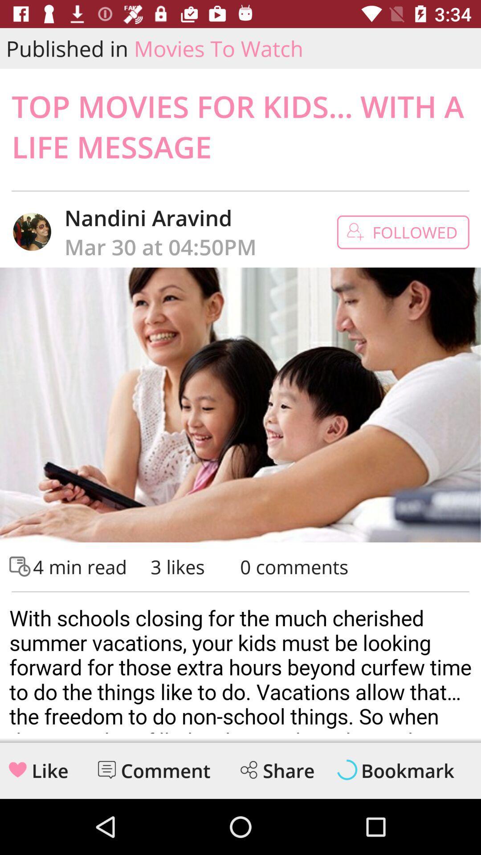  I want to click on the favorite icon, so click(17, 769).